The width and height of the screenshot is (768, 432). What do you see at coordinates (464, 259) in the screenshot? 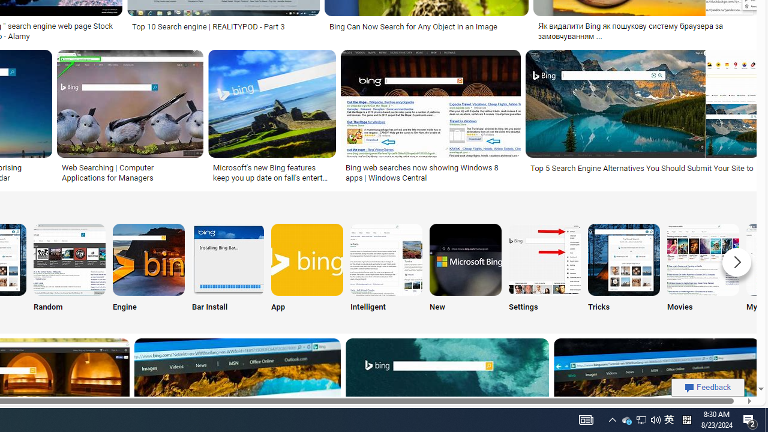
I see `'New Bing Image Search'` at bounding box center [464, 259].